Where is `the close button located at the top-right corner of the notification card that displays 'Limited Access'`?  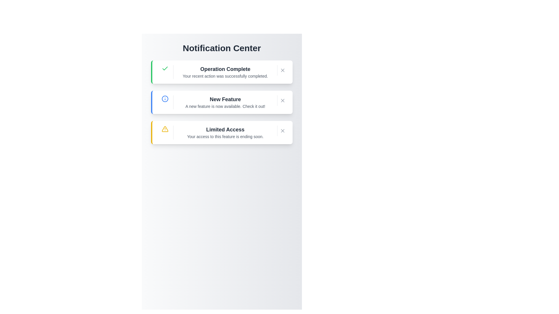 the close button located at the top-right corner of the notification card that displays 'Limited Access' is located at coordinates (282, 131).